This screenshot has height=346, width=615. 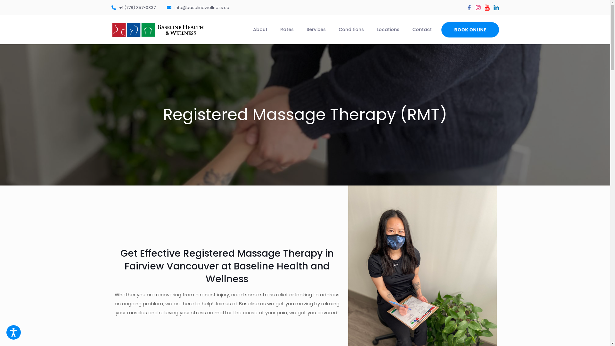 What do you see at coordinates (316, 29) in the screenshot?
I see `'Services'` at bounding box center [316, 29].